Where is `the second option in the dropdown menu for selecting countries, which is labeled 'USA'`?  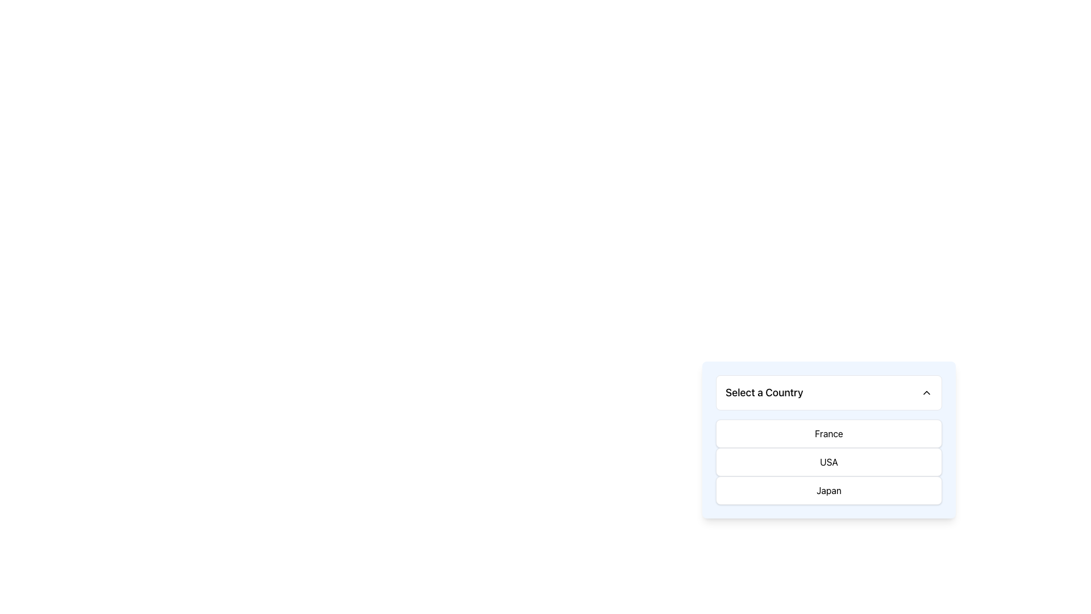 the second option in the dropdown menu for selecting countries, which is labeled 'USA' is located at coordinates (829, 462).